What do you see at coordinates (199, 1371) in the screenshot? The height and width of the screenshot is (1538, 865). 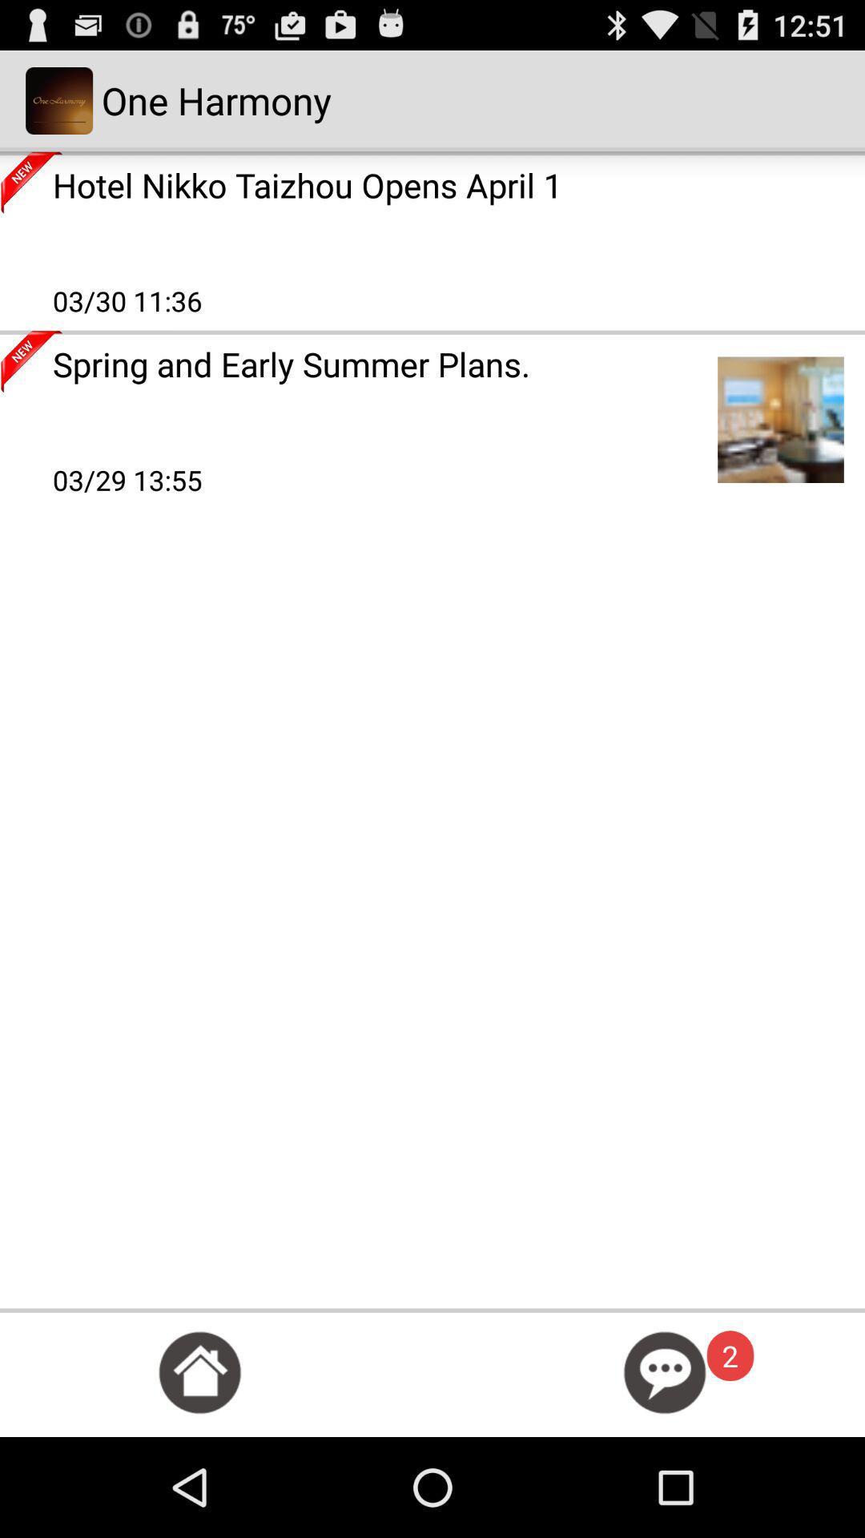 I see `home` at bounding box center [199, 1371].